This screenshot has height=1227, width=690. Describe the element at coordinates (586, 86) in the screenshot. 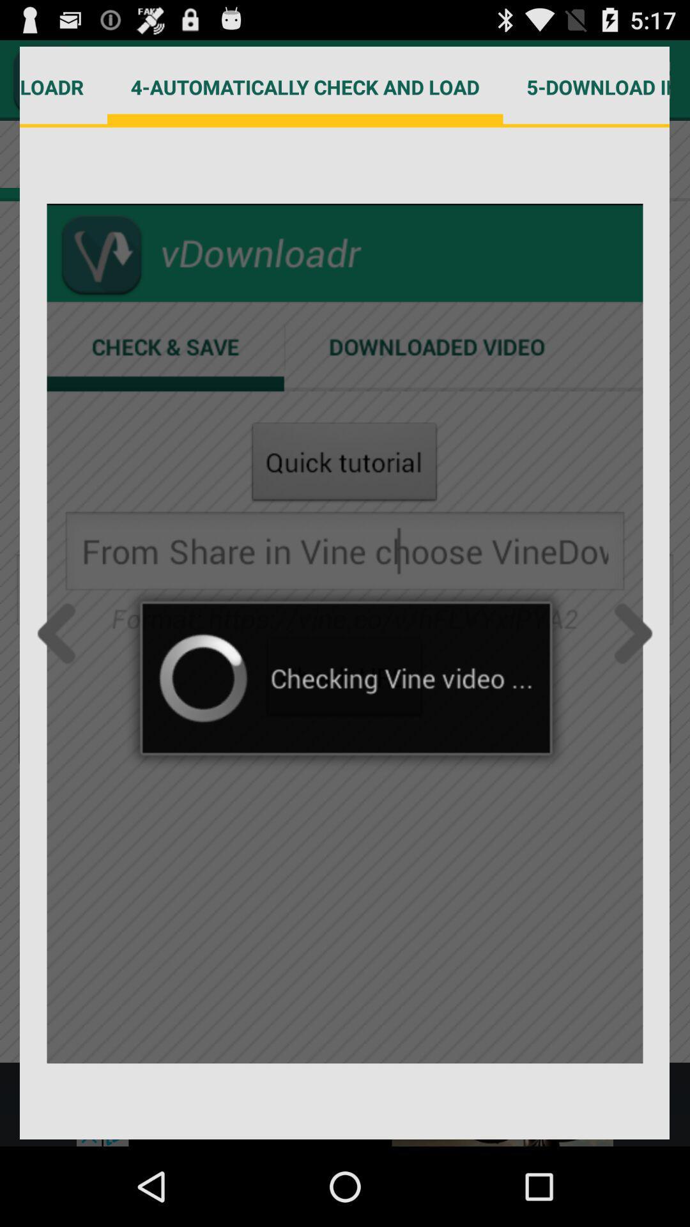

I see `item next to 4 automatically check` at that location.